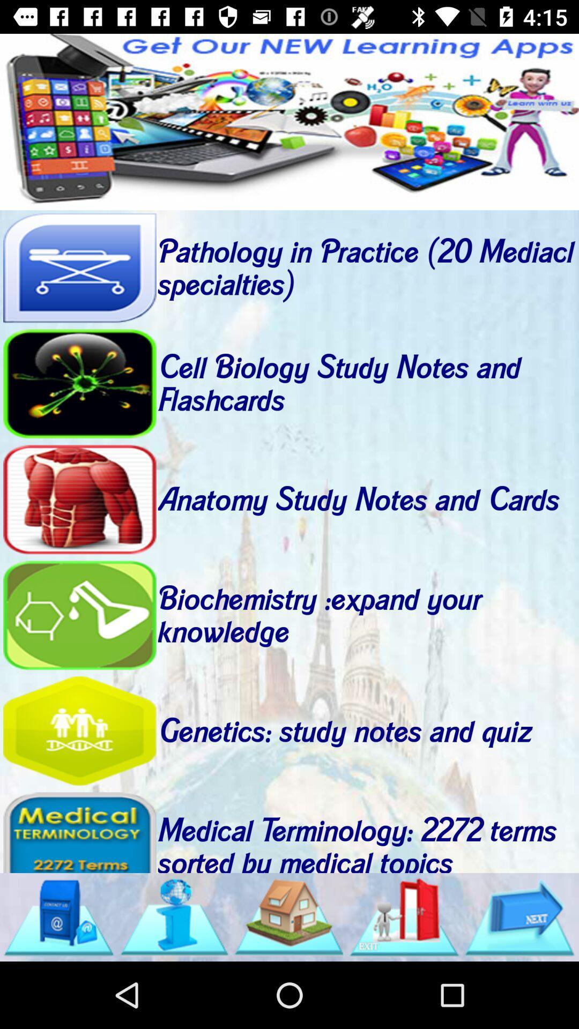 This screenshot has width=579, height=1029. I want to click on home, so click(288, 916).